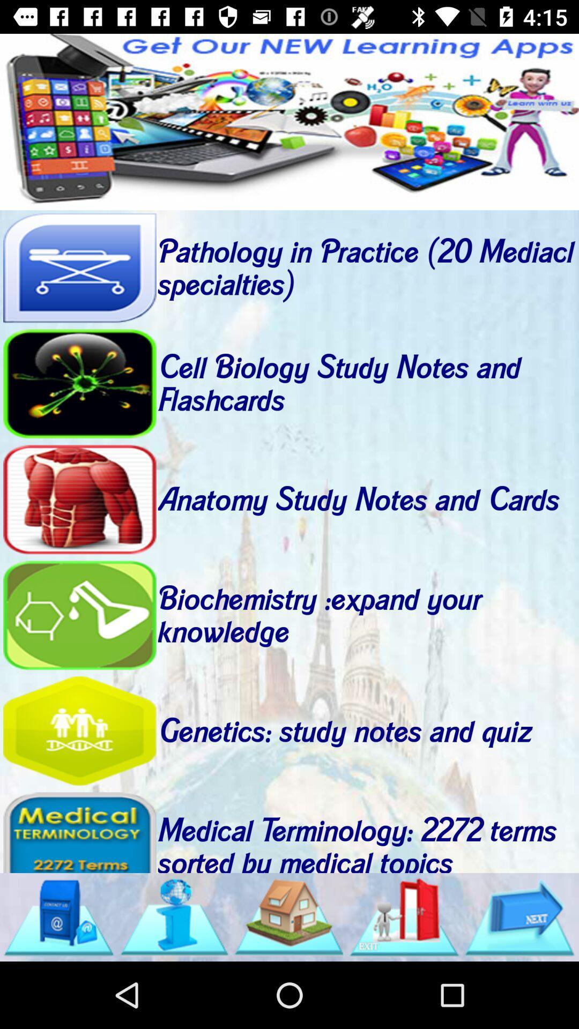 This screenshot has width=579, height=1029. I want to click on home, so click(288, 916).